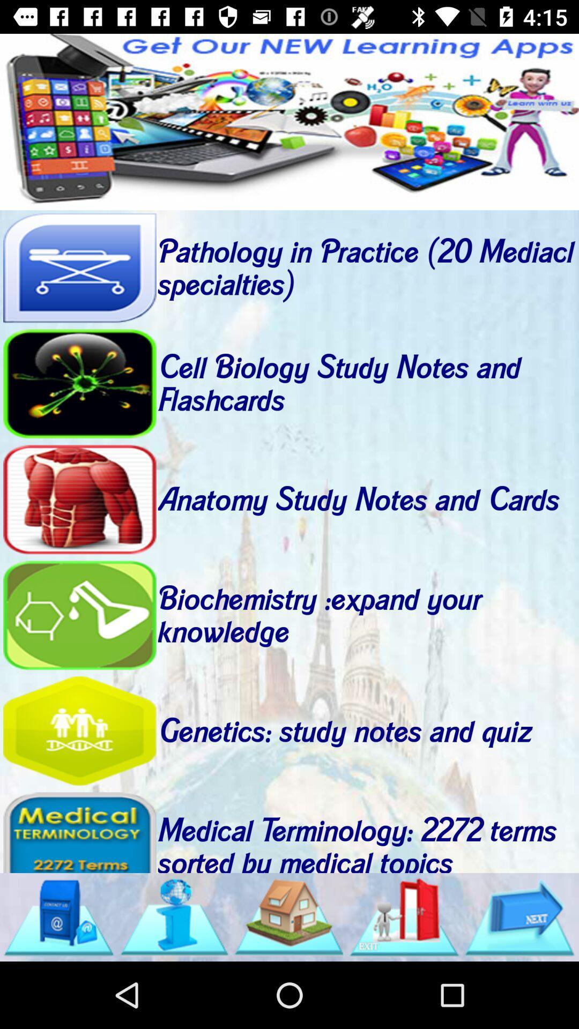 This screenshot has width=579, height=1029. I want to click on home, so click(288, 916).